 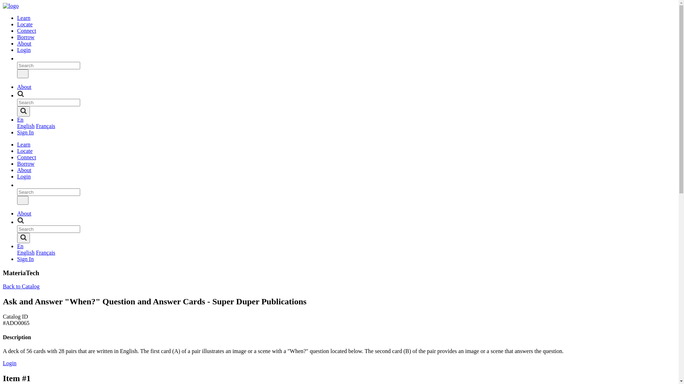 What do you see at coordinates (26, 37) in the screenshot?
I see `'Borrow'` at bounding box center [26, 37].